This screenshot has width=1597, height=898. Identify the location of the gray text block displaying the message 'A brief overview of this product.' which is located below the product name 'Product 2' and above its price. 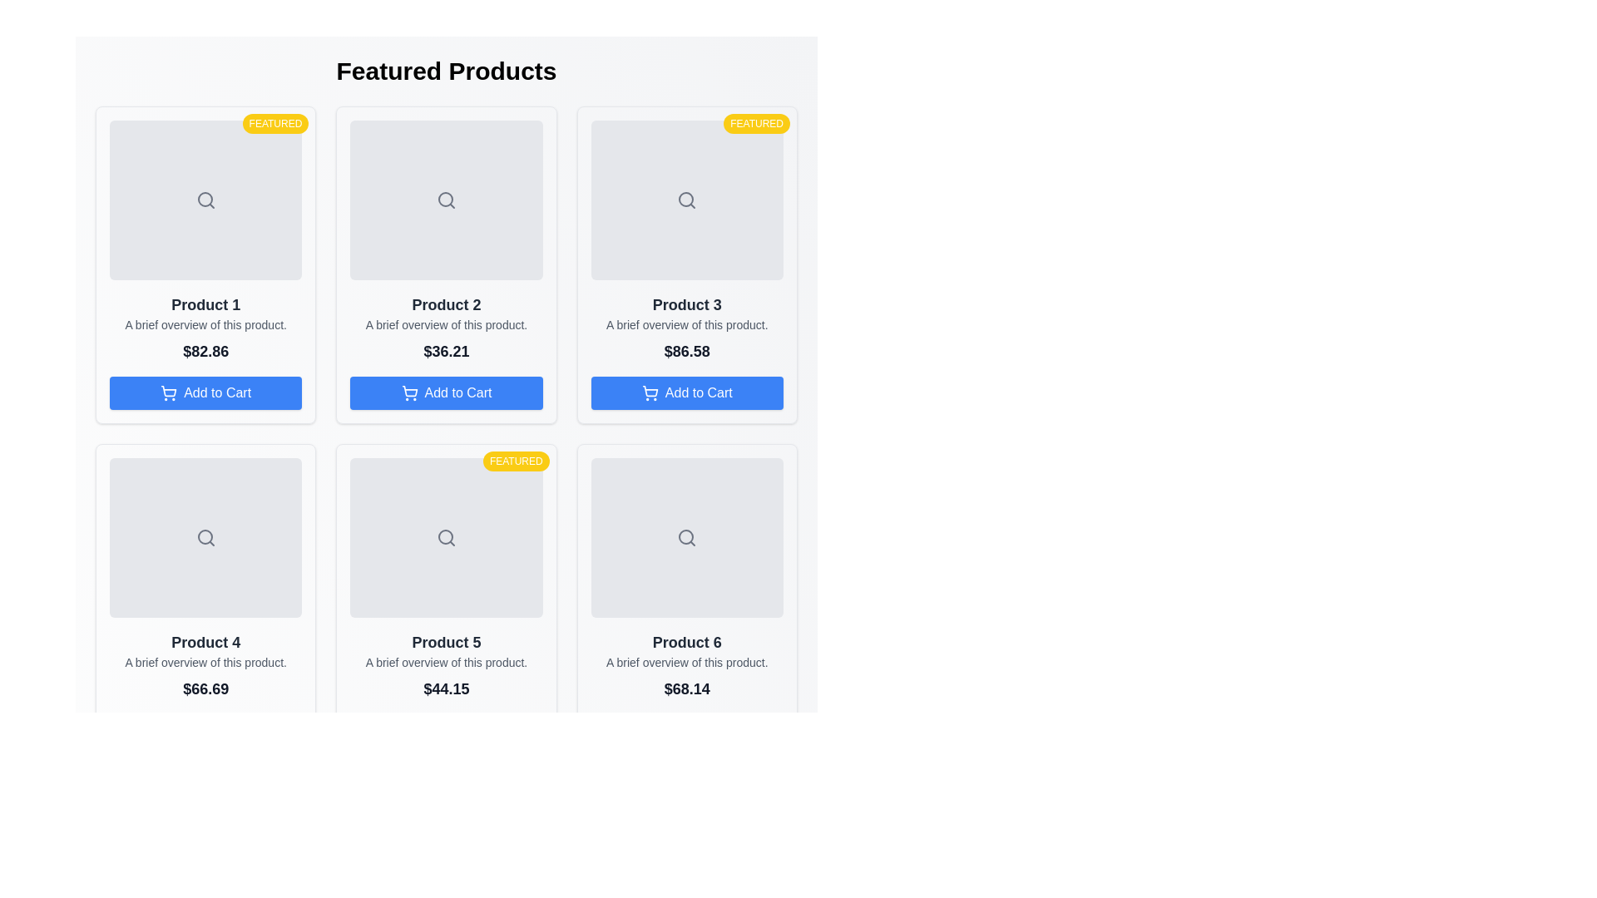
(447, 324).